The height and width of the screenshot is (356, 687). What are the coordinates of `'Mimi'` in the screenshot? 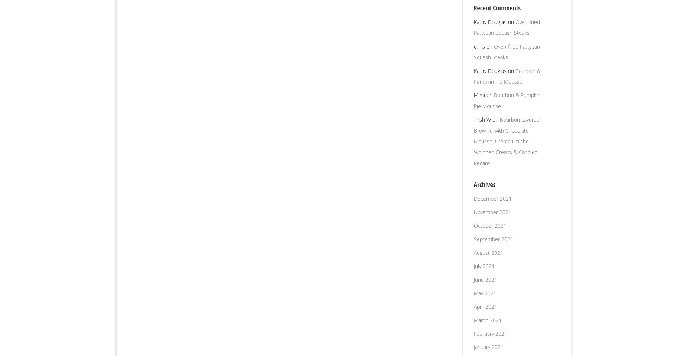 It's located at (479, 94).